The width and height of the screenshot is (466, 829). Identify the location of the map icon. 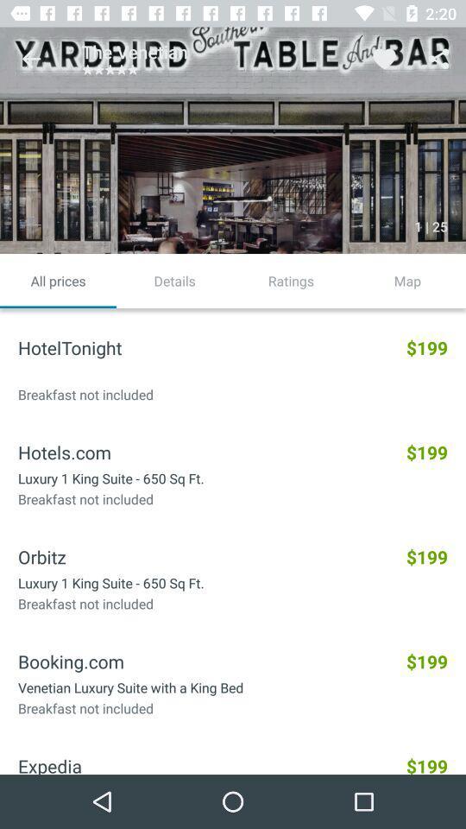
(407, 281).